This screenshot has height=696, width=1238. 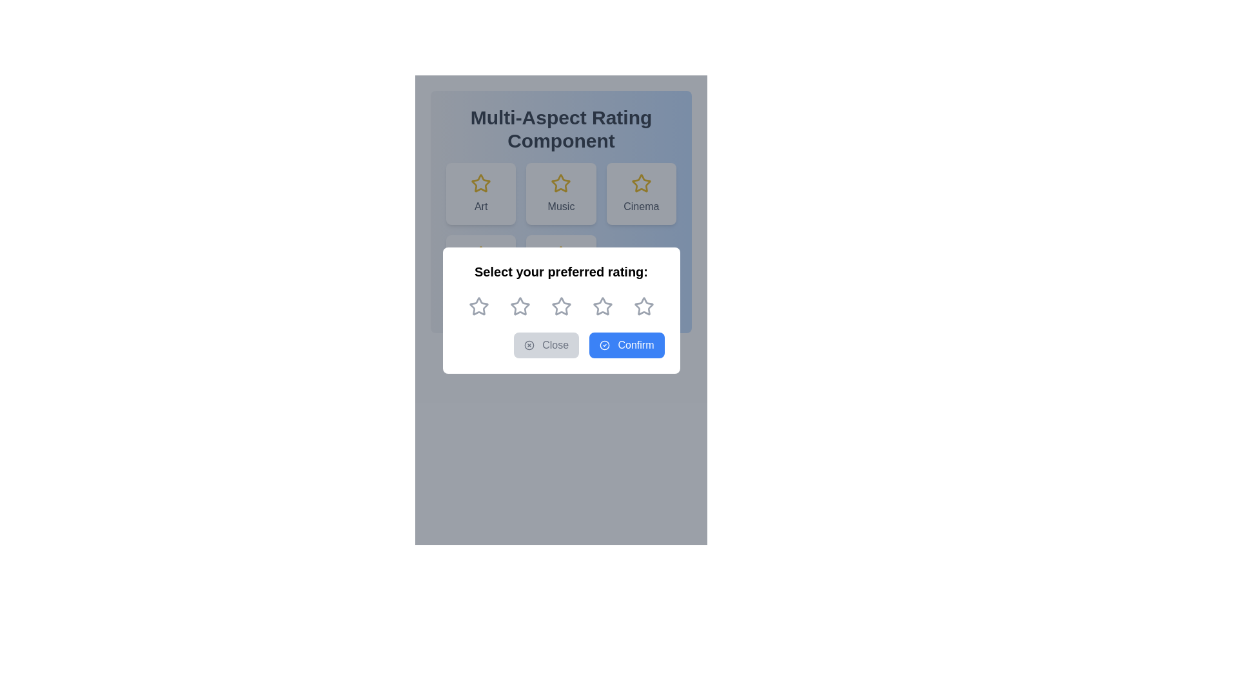 What do you see at coordinates (644, 305) in the screenshot?
I see `the fifth star rating icon` at bounding box center [644, 305].